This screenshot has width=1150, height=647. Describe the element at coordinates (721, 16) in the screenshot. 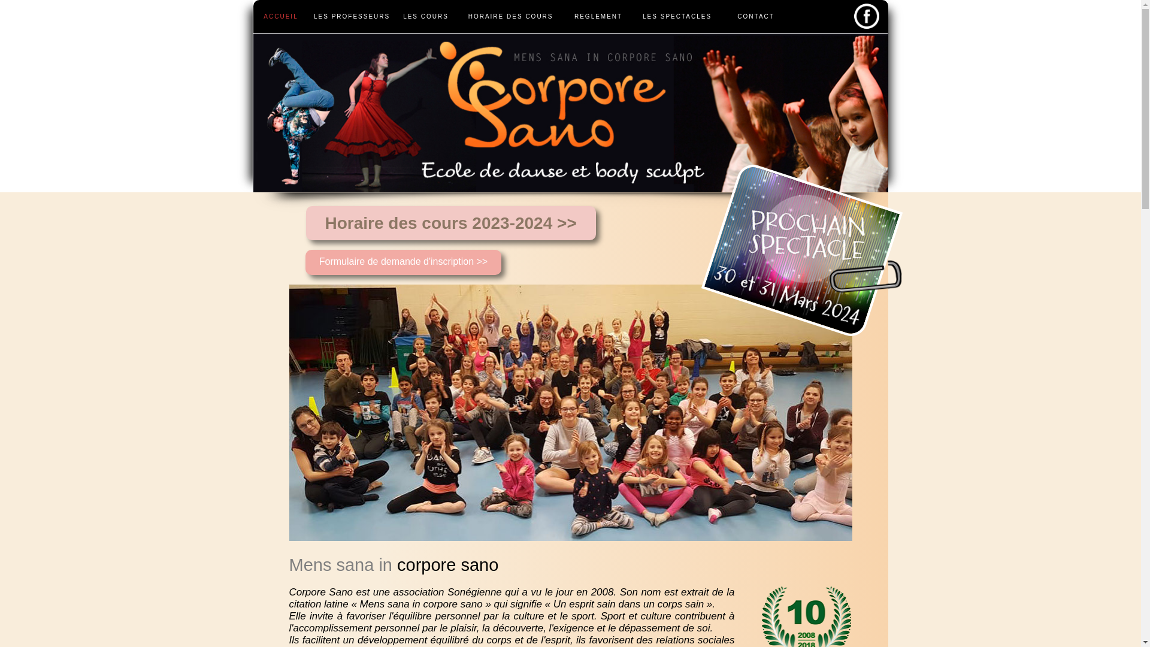

I see `'CONTACT'` at that location.